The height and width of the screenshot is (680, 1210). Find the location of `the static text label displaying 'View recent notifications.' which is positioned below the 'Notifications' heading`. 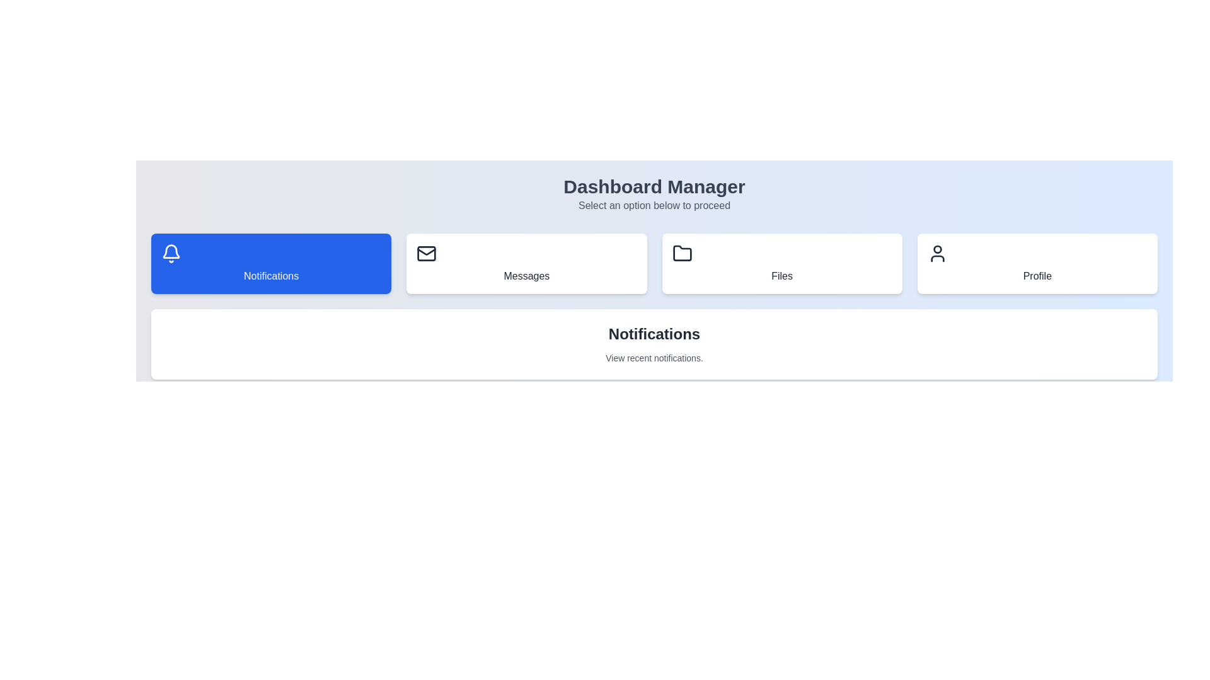

the static text label displaying 'View recent notifications.' which is positioned below the 'Notifications' heading is located at coordinates (654, 358).